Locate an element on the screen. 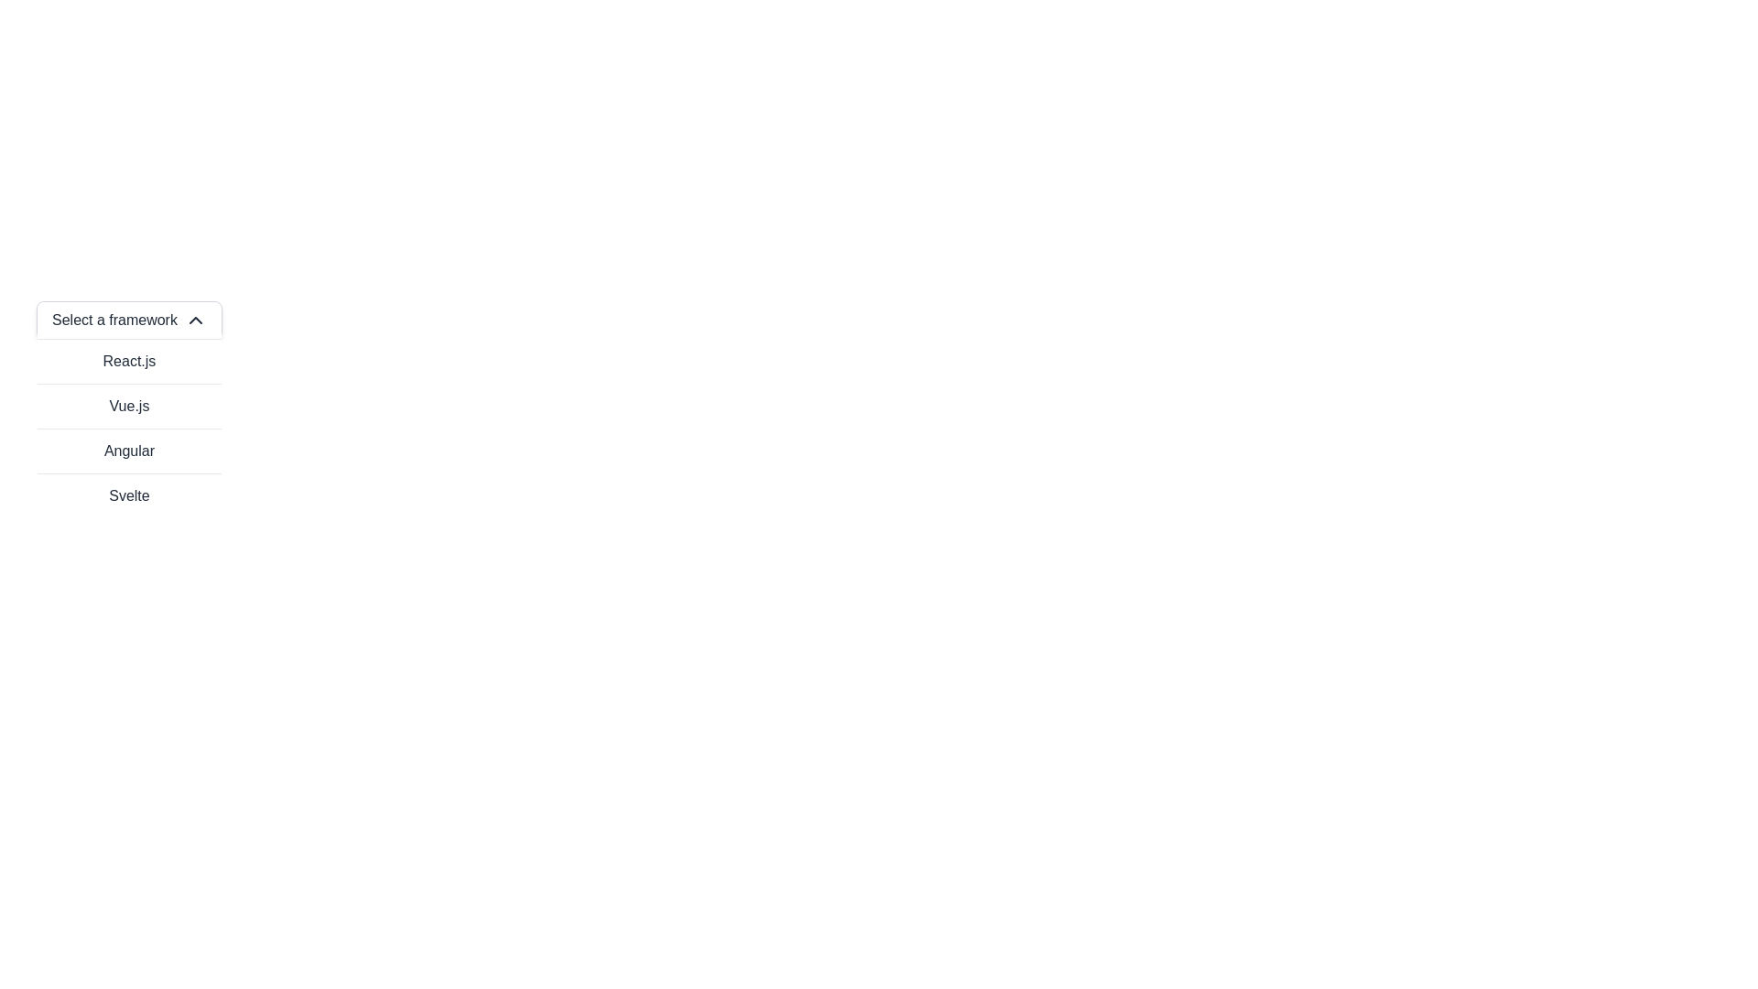 The image size is (1758, 989). the 'Vue.js' dropdown menu item is located at coordinates (128, 405).